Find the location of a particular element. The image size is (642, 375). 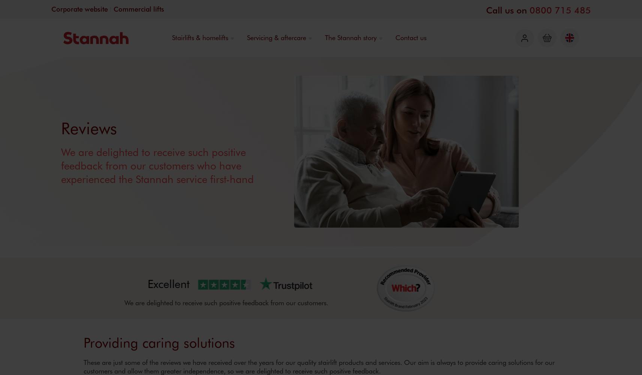

'Commercial lifts' is located at coordinates (113, 9).